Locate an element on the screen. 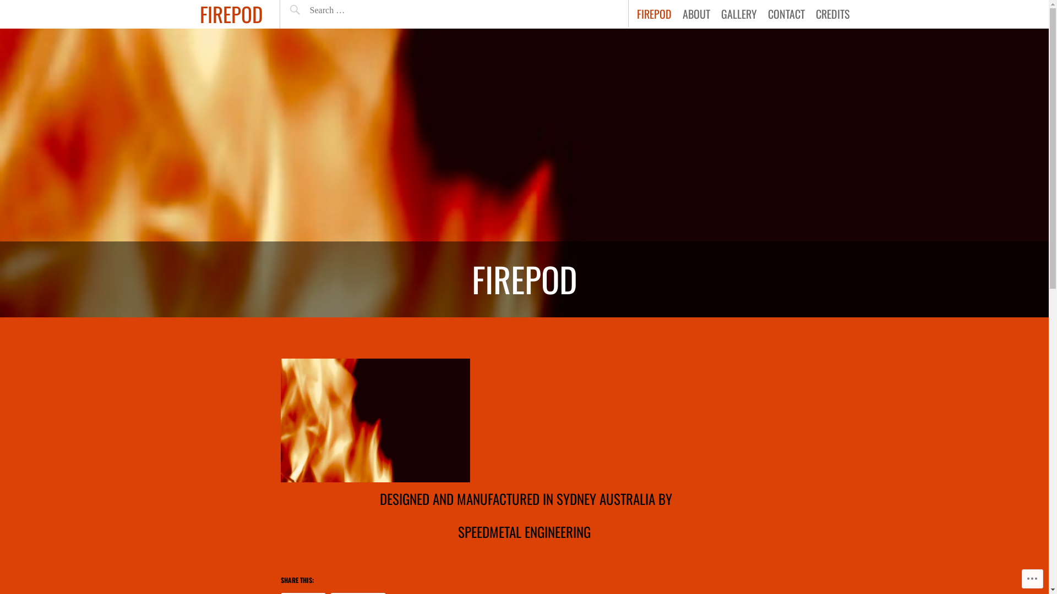 This screenshot has height=594, width=1057. 'CONTACT' is located at coordinates (785, 13).